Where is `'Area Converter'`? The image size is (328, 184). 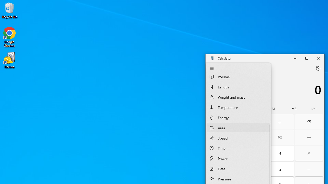
'Area Converter' is located at coordinates (238, 127).